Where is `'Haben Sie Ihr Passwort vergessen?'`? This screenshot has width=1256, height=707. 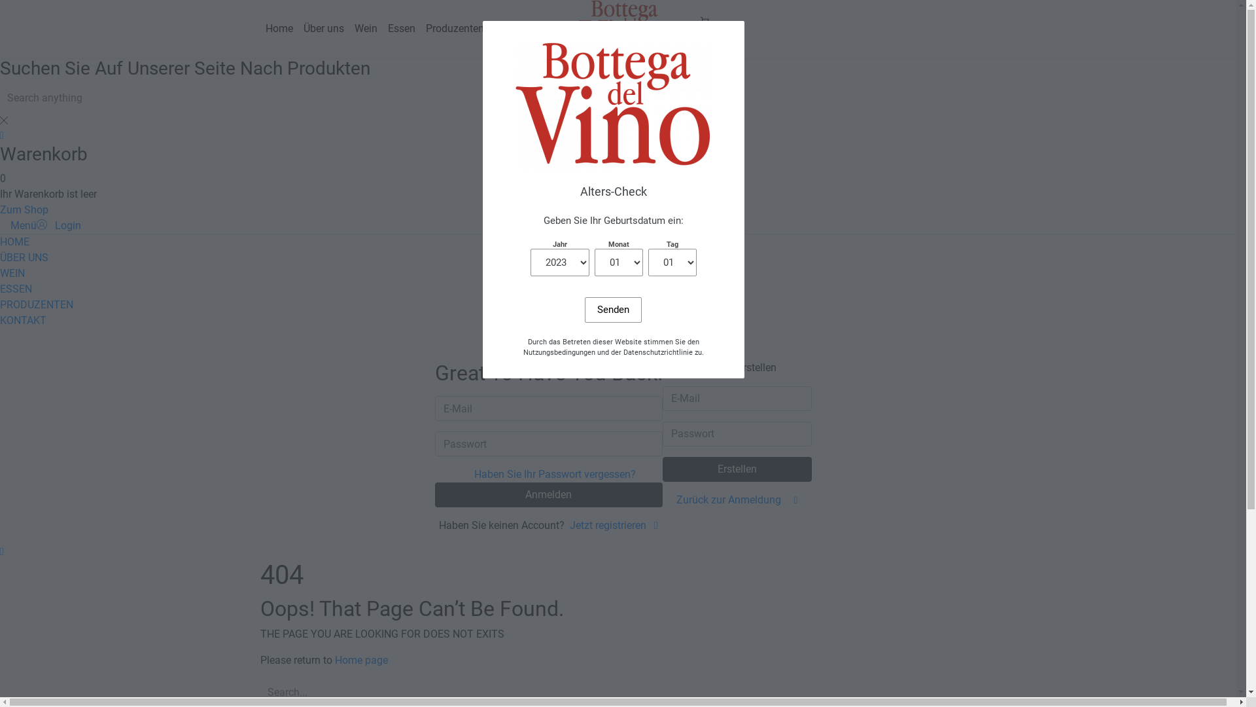 'Haben Sie Ihr Passwort vergessen?' is located at coordinates (555, 474).